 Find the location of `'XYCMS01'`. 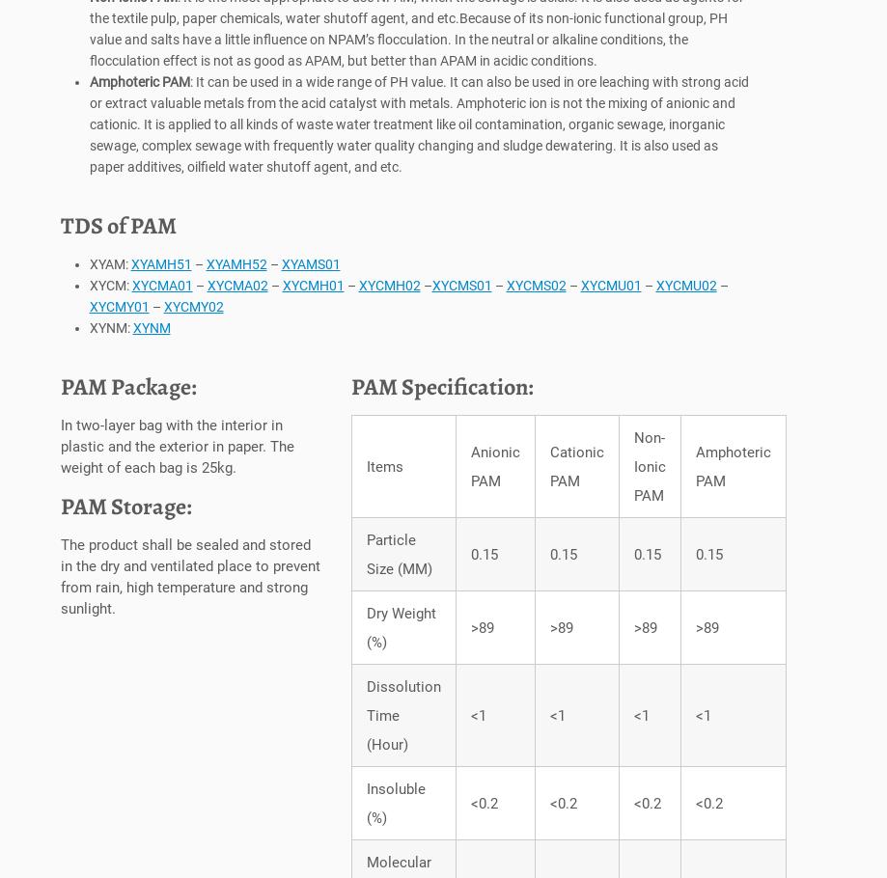

'XYCMS01' is located at coordinates (459, 290).